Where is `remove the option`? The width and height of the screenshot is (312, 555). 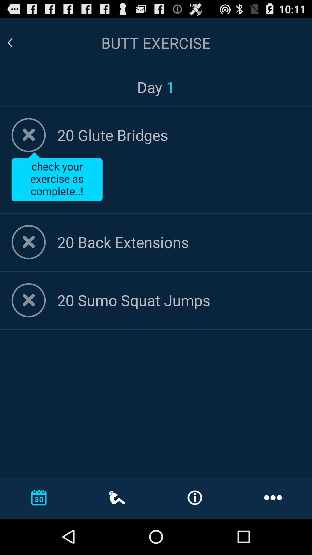
remove the option is located at coordinates (29, 242).